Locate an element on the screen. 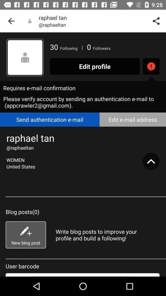 The width and height of the screenshot is (166, 296). the expand_less icon is located at coordinates (151, 161).